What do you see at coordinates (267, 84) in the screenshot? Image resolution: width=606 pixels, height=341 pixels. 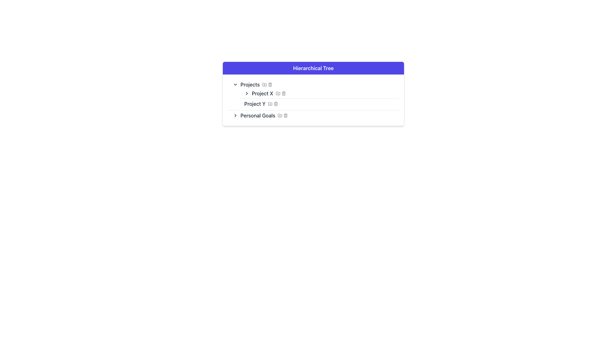 I see `the add folder icon in the Icon Group, which is located to the right of the 'Projects' text in the header of a hierarchical tree structure` at bounding box center [267, 84].